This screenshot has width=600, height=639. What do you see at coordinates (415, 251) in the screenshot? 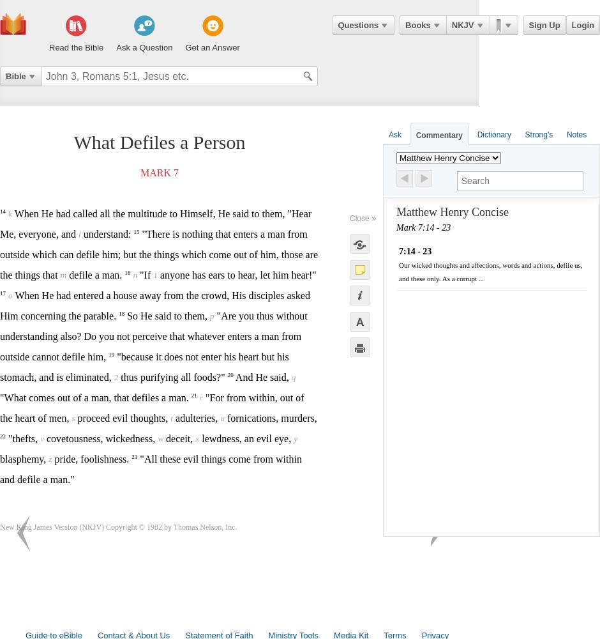
I see `'7:14 - 23'` at bounding box center [415, 251].